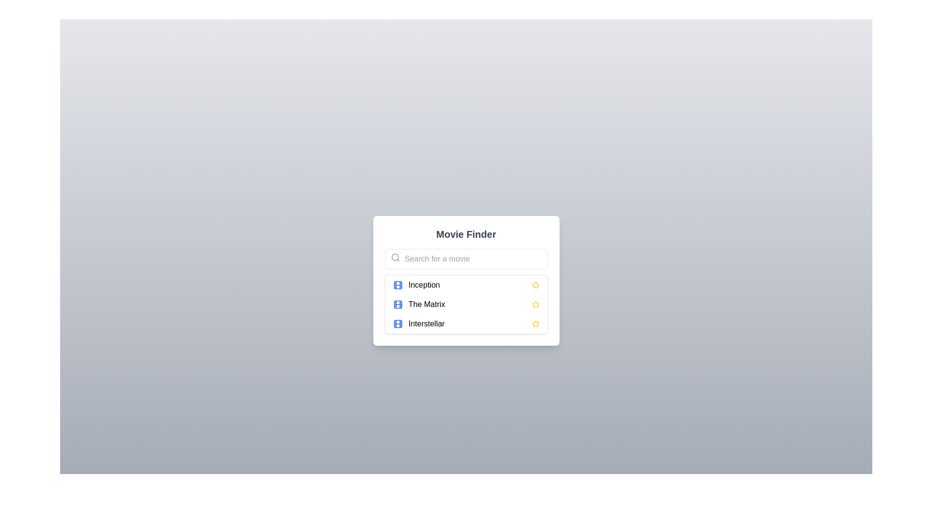  What do you see at coordinates (398, 304) in the screenshot?
I see `the blue film reel icon with rounded edges, which is positioned to the immediate left of the text label 'The Matrix' in the search results` at bounding box center [398, 304].